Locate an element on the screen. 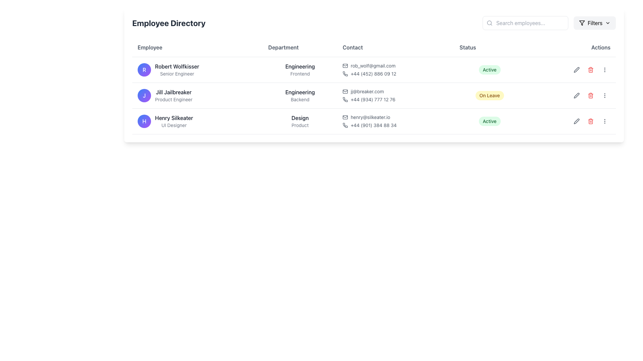 The width and height of the screenshot is (643, 361). the pen-shaped icon button in the 'Actions' column of the third row in the 'Employee Directory' table is located at coordinates (576, 121).